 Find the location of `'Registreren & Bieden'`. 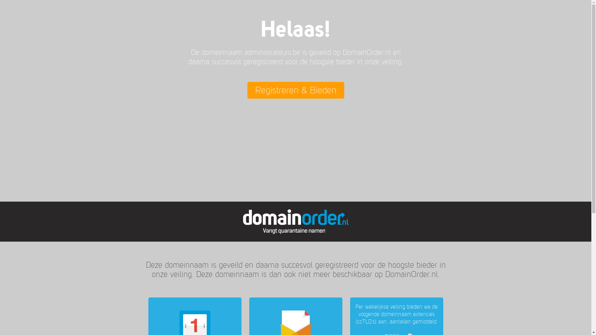

'Registreren & Bieden' is located at coordinates (295, 90).